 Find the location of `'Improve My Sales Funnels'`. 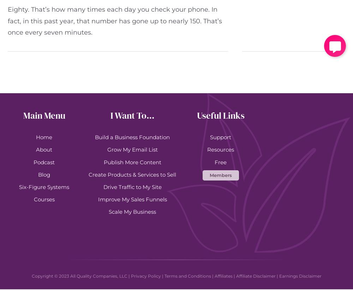

'Improve My Sales Funnels' is located at coordinates (132, 199).